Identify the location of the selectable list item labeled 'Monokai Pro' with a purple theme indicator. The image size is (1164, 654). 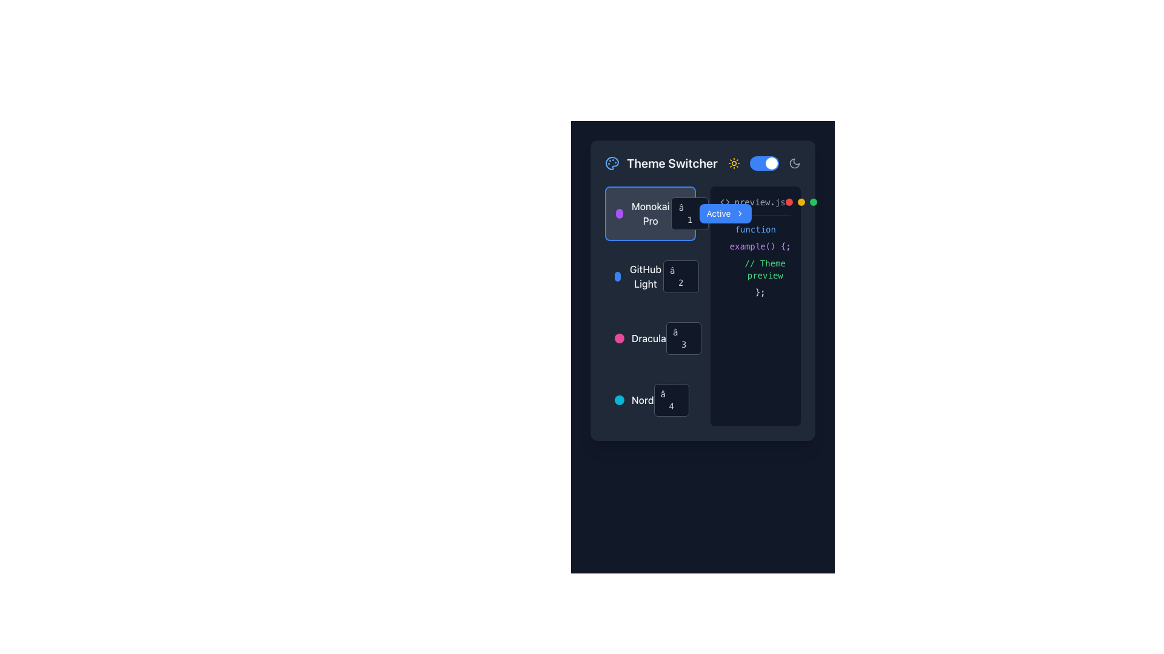
(643, 213).